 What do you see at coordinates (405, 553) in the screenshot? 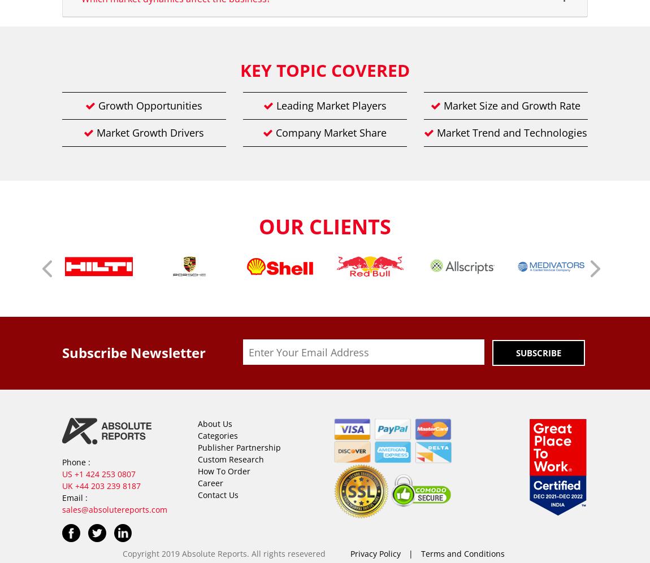
I see `'|'` at bounding box center [405, 553].